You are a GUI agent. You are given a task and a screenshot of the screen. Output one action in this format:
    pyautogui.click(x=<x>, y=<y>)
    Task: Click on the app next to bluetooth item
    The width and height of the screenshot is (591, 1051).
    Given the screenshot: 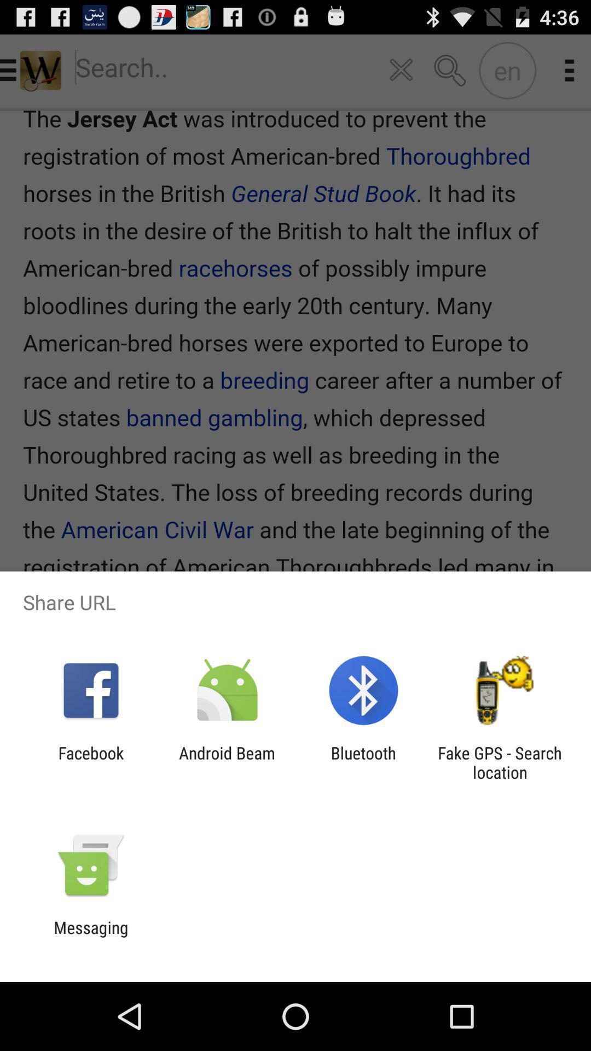 What is the action you would take?
    pyautogui.click(x=500, y=762)
    